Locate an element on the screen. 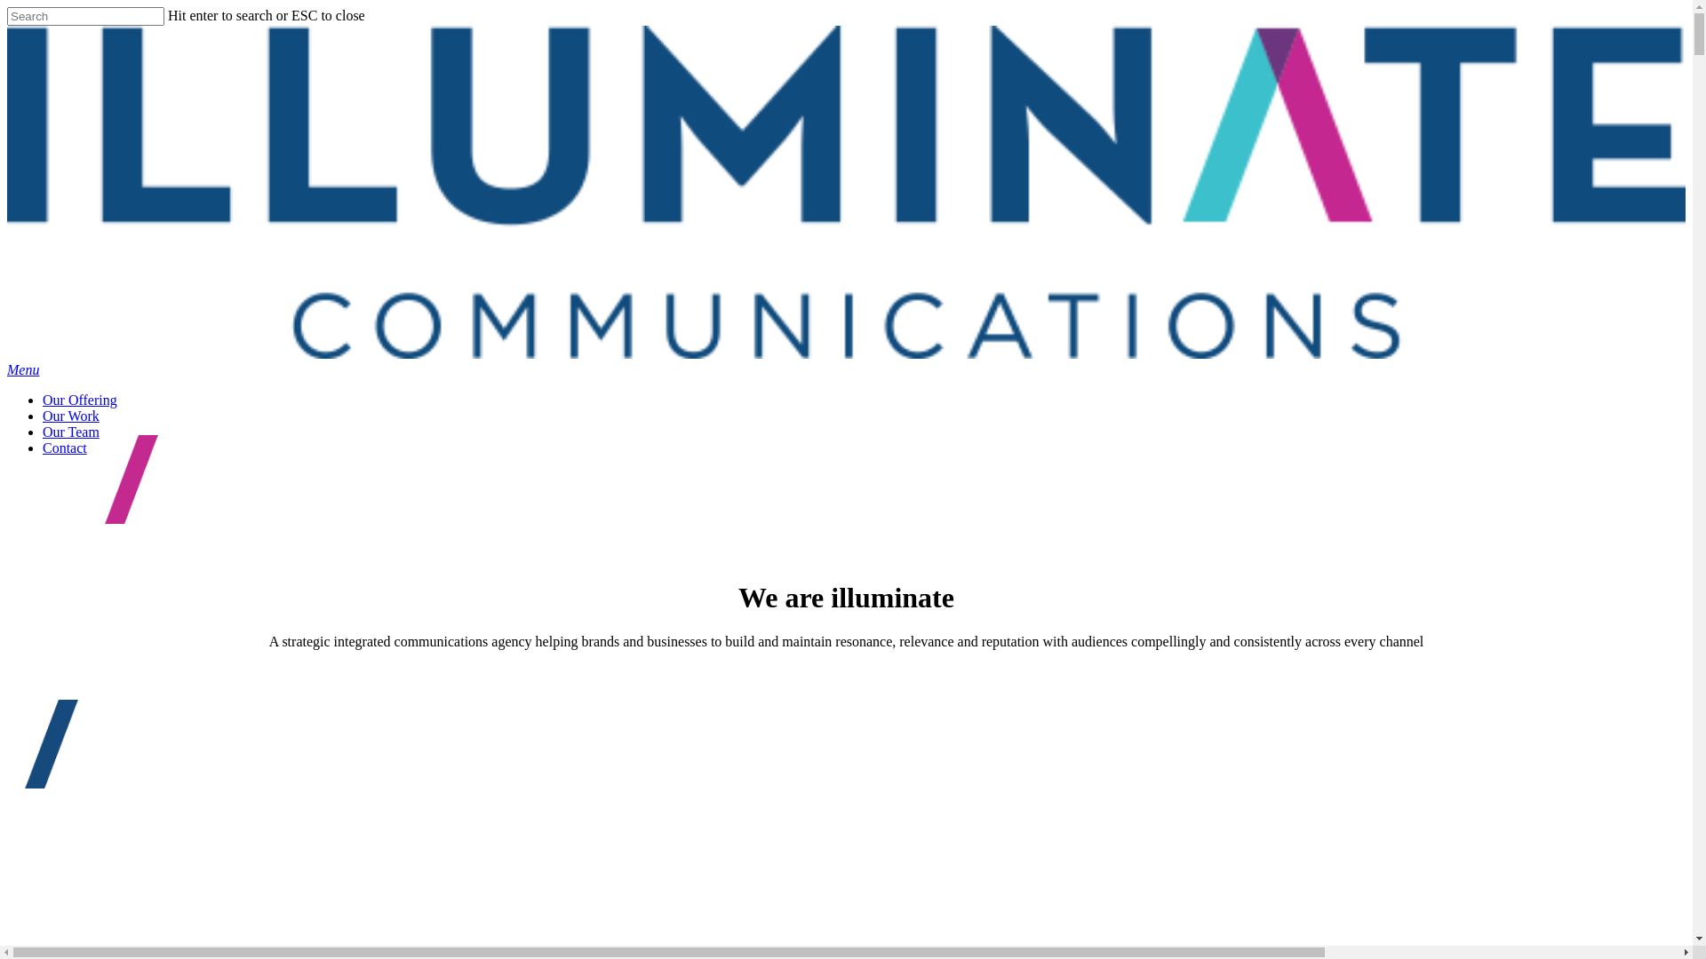  'Contact' is located at coordinates (64, 447).